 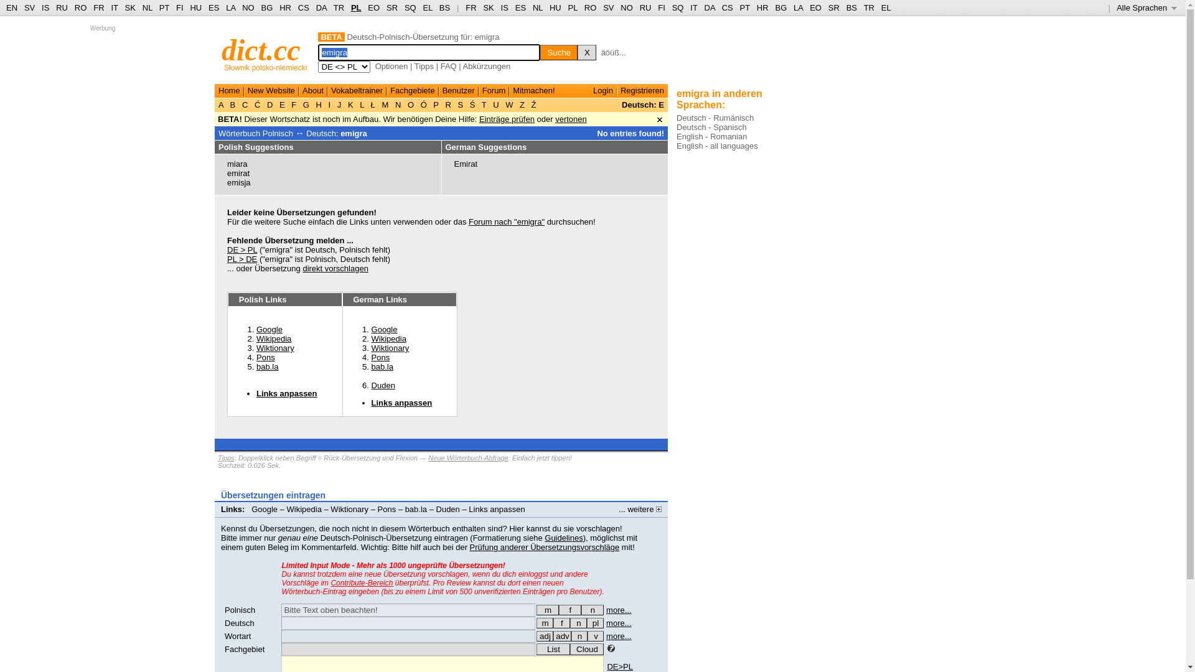 I want to click on 'EL', so click(x=428, y=7).